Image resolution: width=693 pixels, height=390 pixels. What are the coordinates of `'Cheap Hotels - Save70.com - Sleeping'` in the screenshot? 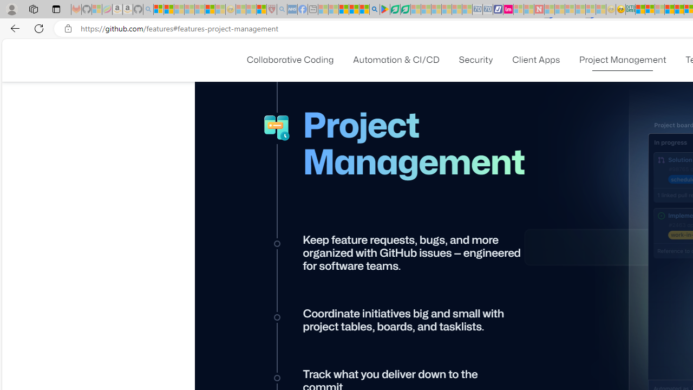 It's located at (487, 9).